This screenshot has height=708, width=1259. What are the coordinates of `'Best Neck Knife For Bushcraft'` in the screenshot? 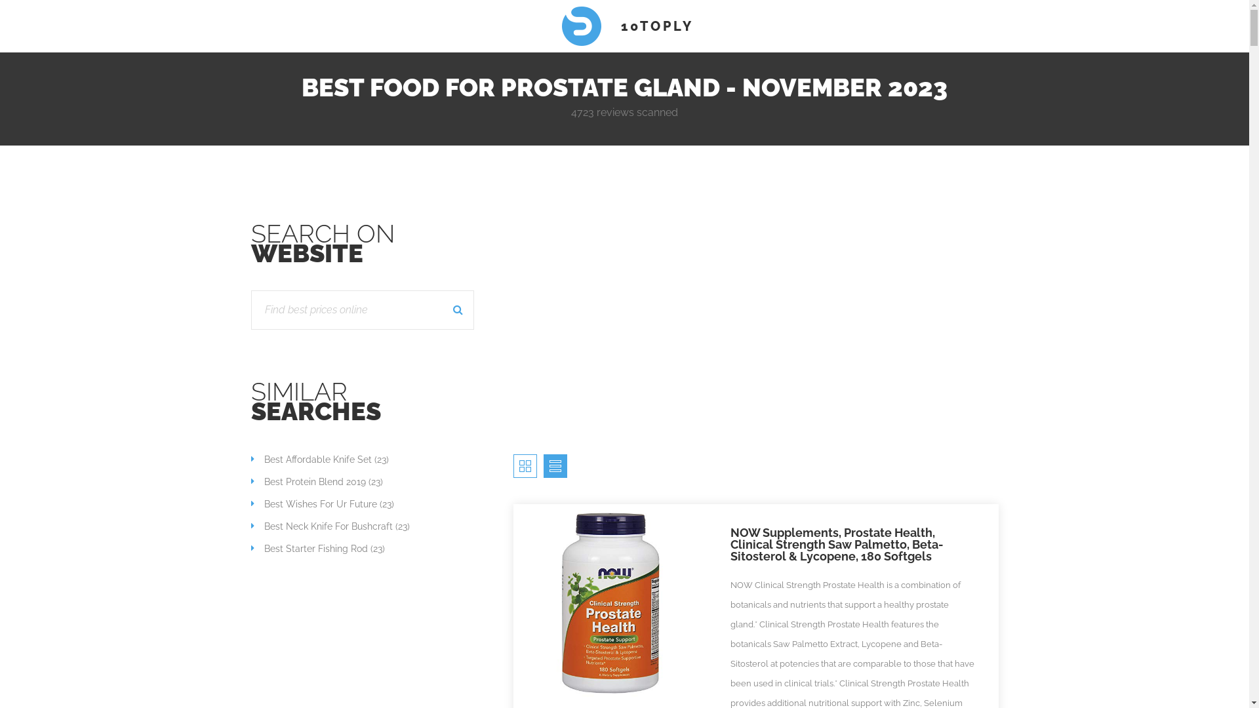 It's located at (250, 525).